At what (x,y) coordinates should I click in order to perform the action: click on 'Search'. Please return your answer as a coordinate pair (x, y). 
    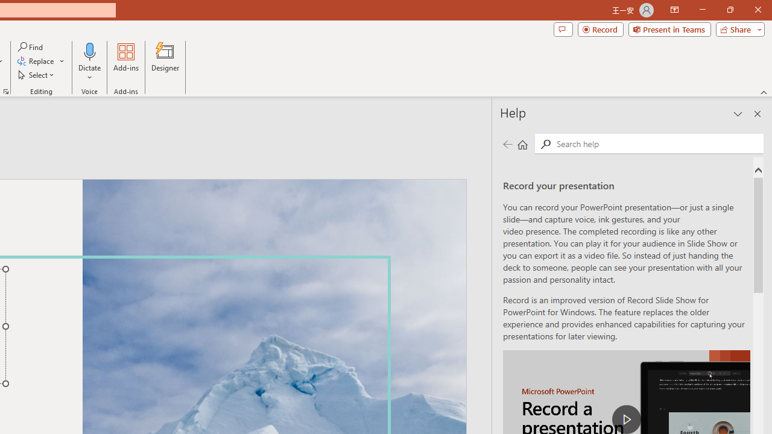
    Looking at the image, I should click on (545, 143).